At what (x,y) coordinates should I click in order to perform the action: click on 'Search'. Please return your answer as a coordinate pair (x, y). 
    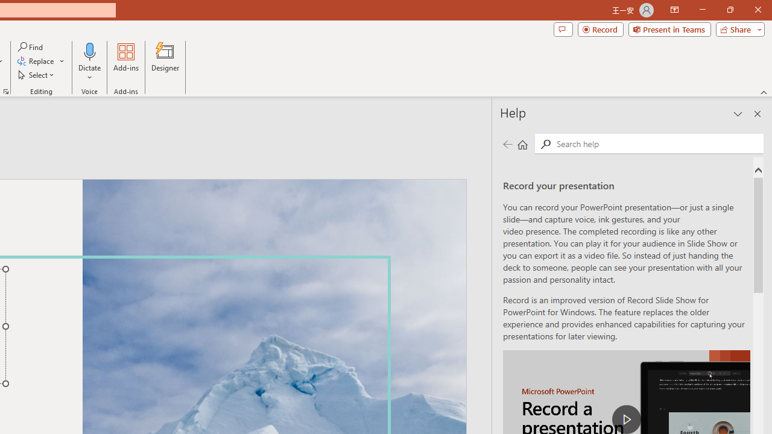
    Looking at the image, I should click on (545, 143).